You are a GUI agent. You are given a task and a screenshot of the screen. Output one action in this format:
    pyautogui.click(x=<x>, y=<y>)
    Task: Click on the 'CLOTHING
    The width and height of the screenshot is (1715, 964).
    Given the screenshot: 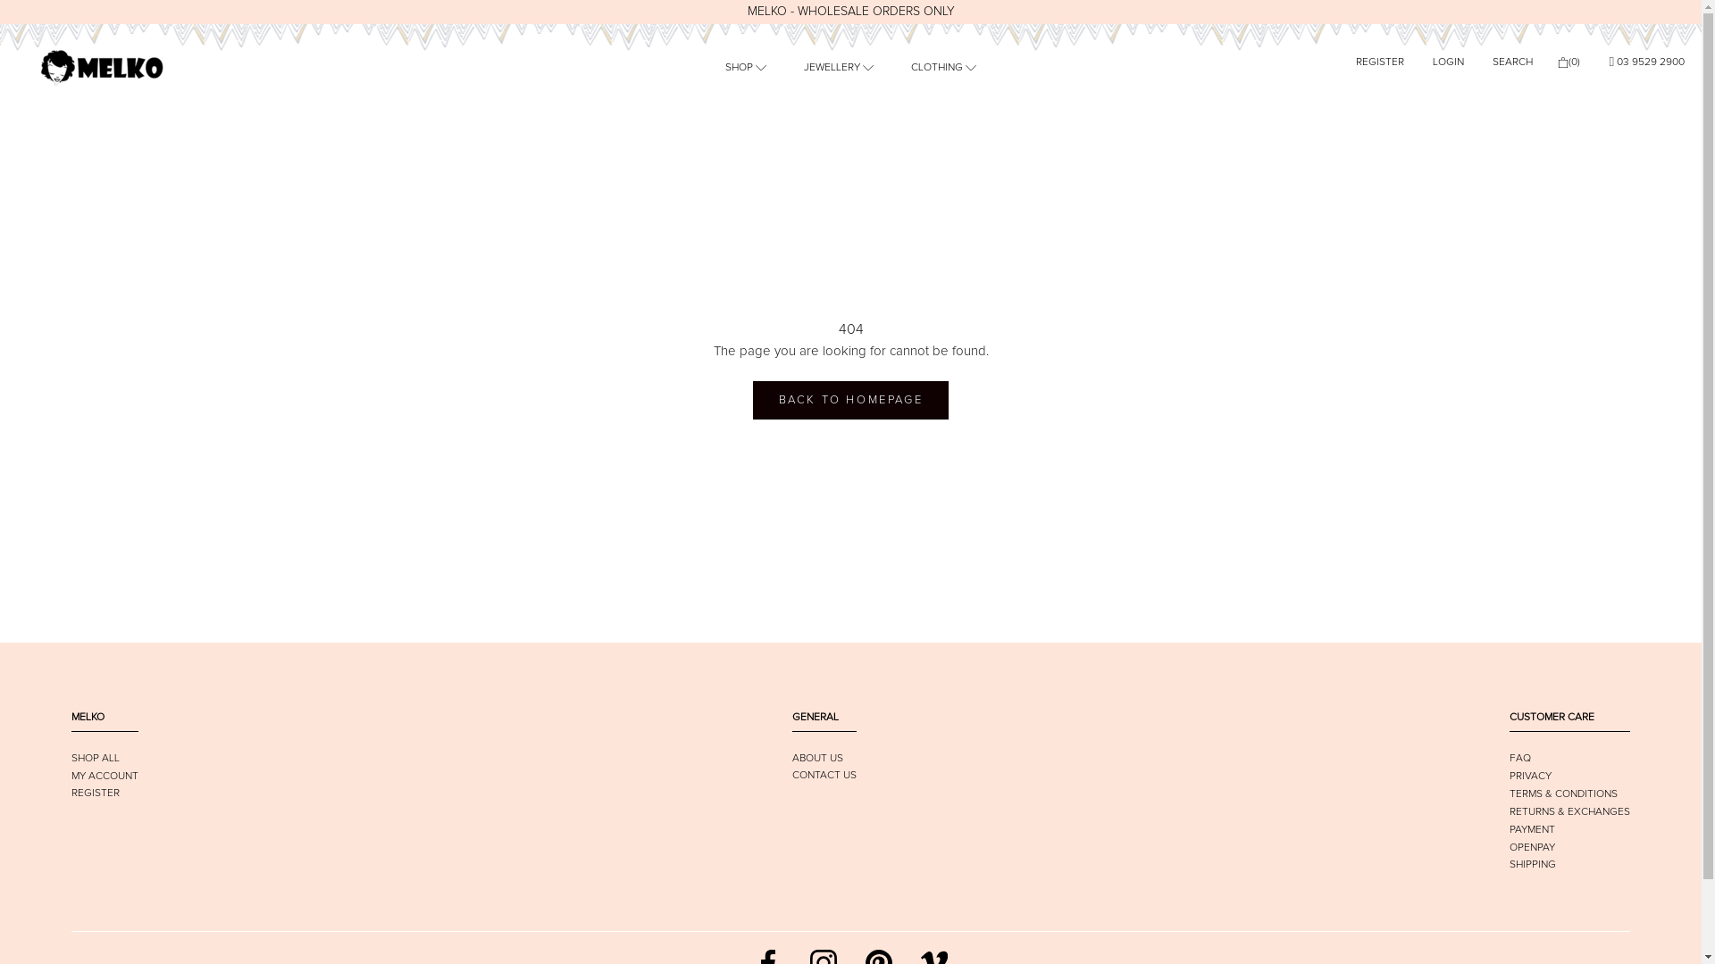 What is the action you would take?
    pyautogui.click(x=942, y=67)
    